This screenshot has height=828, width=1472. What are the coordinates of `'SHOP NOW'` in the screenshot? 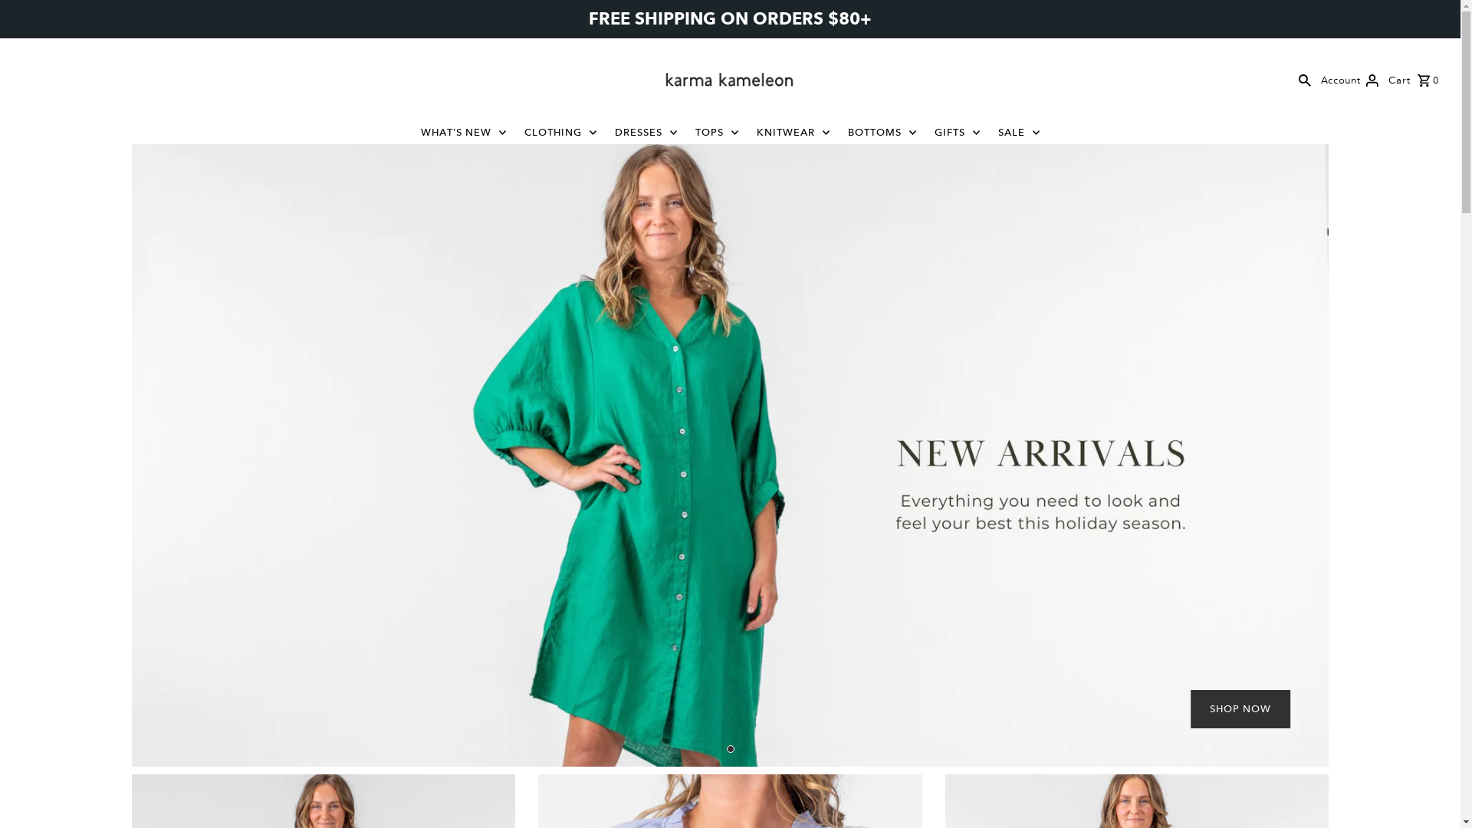 It's located at (1240, 709).